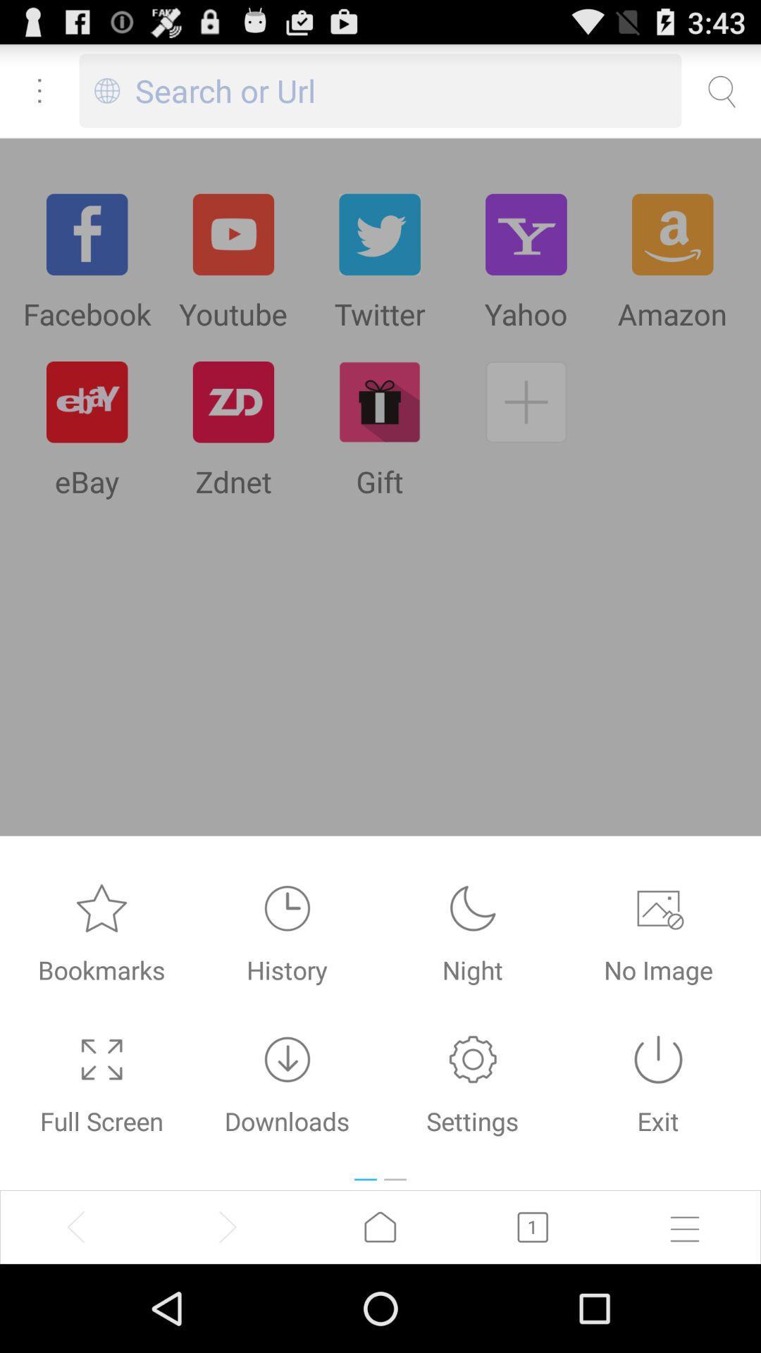  Describe the element at coordinates (106, 97) in the screenshot. I see `the globe icon` at that location.